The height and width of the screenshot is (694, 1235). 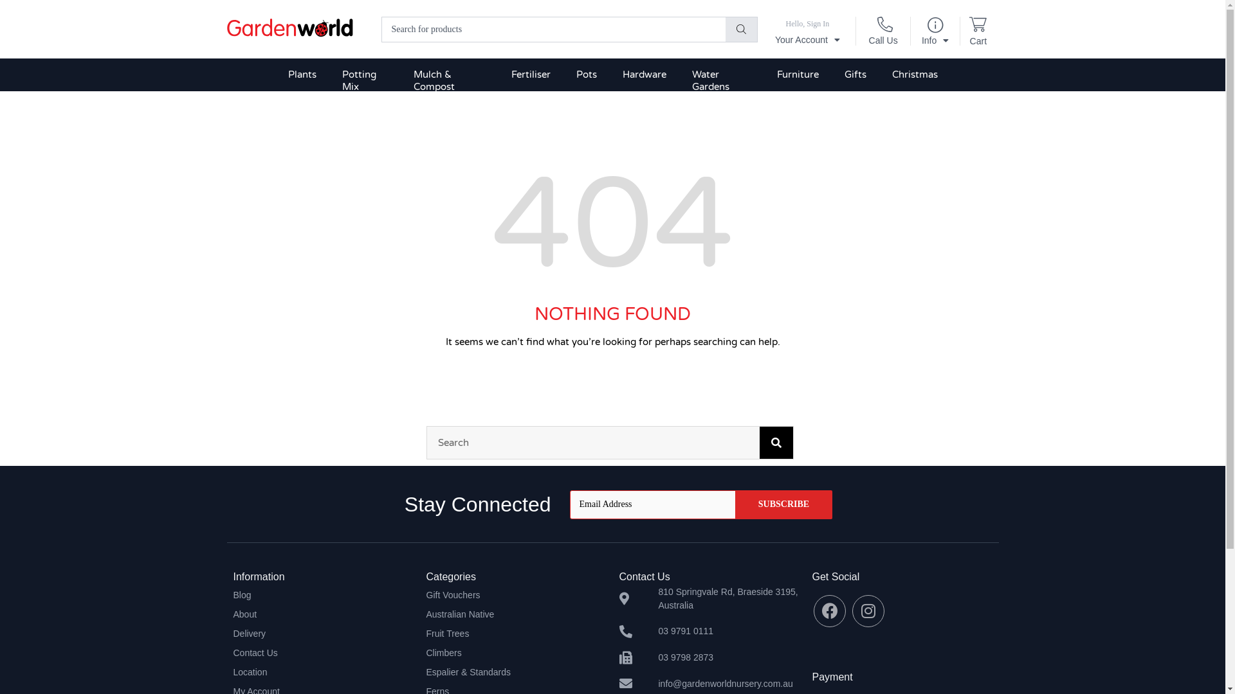 I want to click on 'Espalier & Standards', so click(x=515, y=671).